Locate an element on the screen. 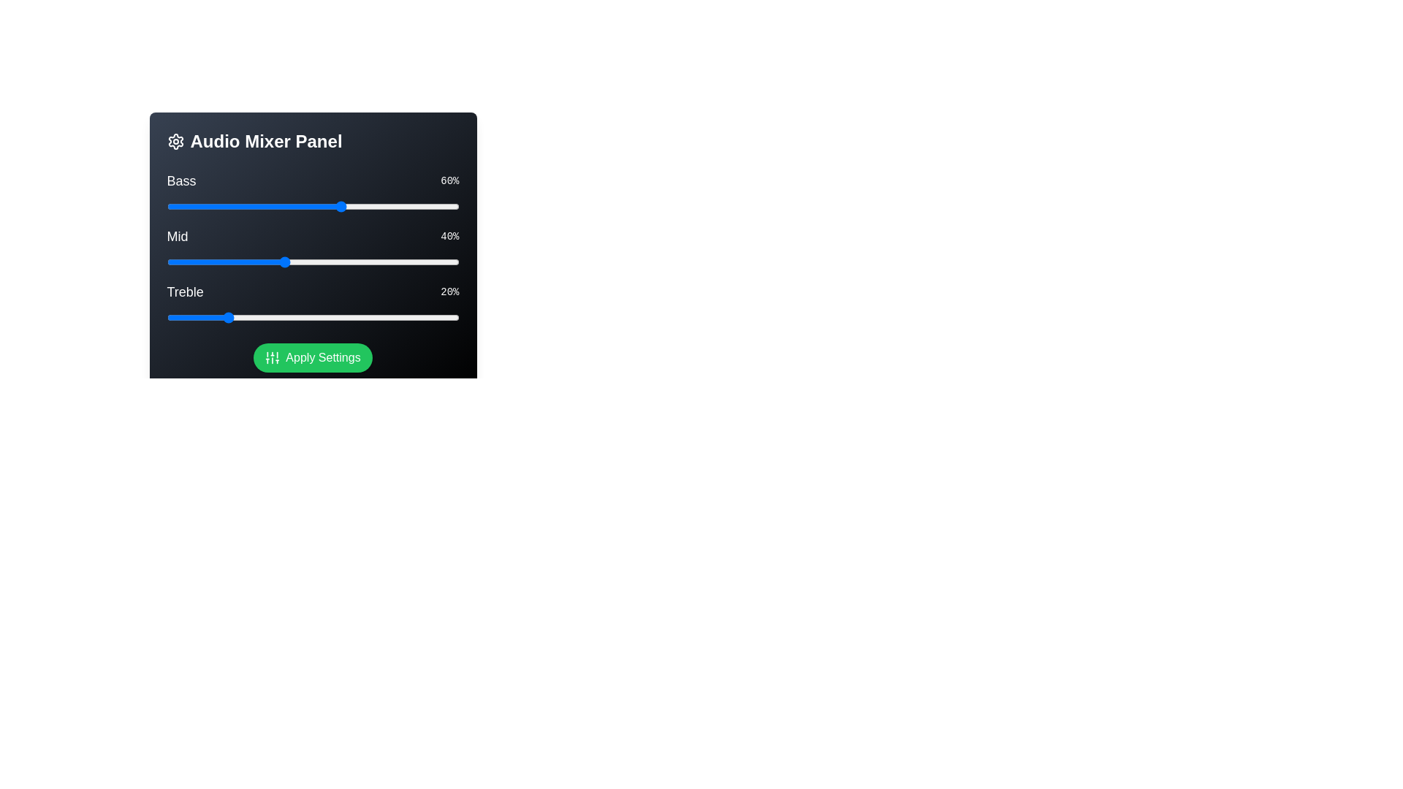 The width and height of the screenshot is (1403, 789). the Treble slider to 31% is located at coordinates (257, 317).